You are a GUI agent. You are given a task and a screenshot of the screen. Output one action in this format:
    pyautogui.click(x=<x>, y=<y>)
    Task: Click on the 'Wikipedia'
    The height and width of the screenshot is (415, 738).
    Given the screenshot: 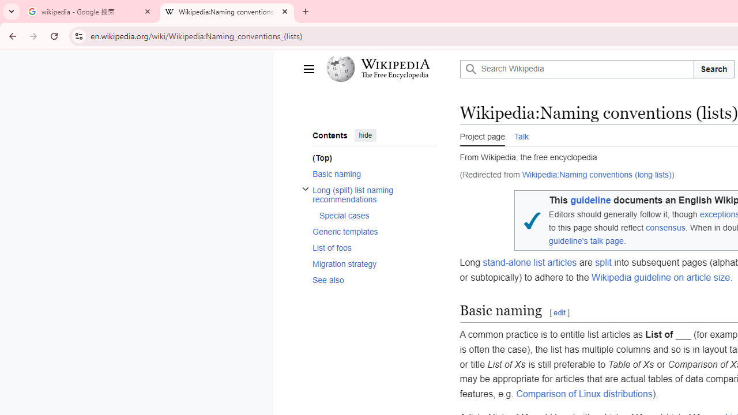 What is the action you would take?
    pyautogui.click(x=395, y=64)
    